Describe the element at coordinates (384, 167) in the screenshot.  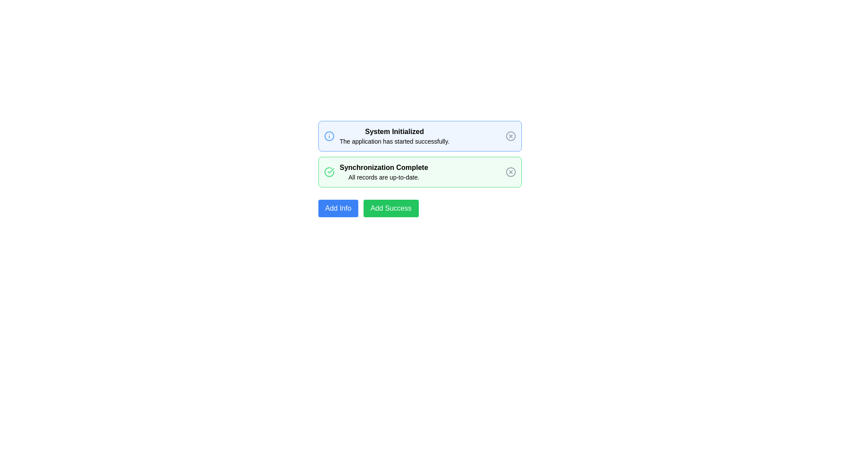
I see `the text label indicating 'Synchronization Complete' at the top of the green notification block` at that location.